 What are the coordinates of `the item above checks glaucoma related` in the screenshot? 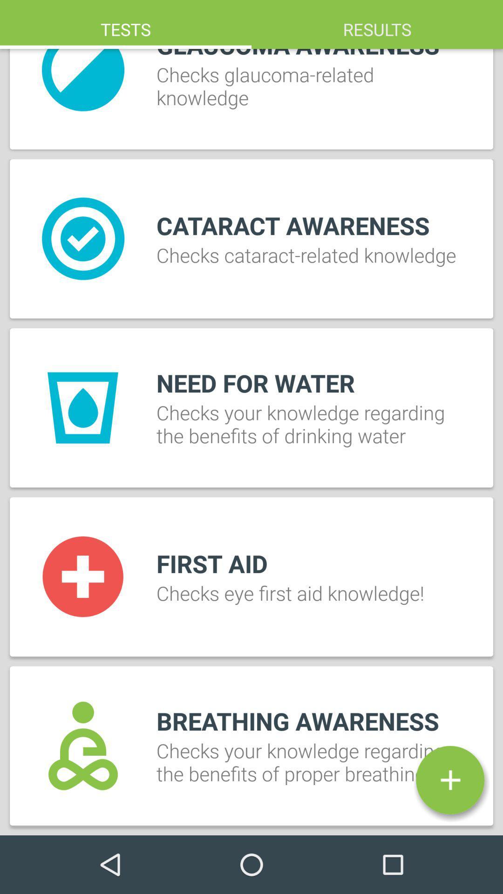 It's located at (126, 24).